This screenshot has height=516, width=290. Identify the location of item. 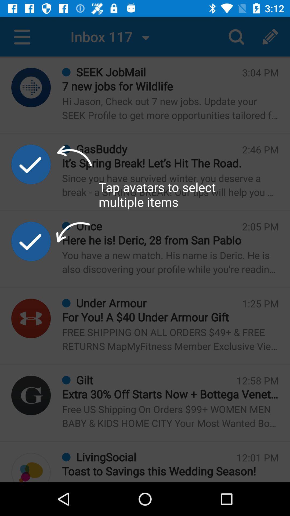
(31, 164).